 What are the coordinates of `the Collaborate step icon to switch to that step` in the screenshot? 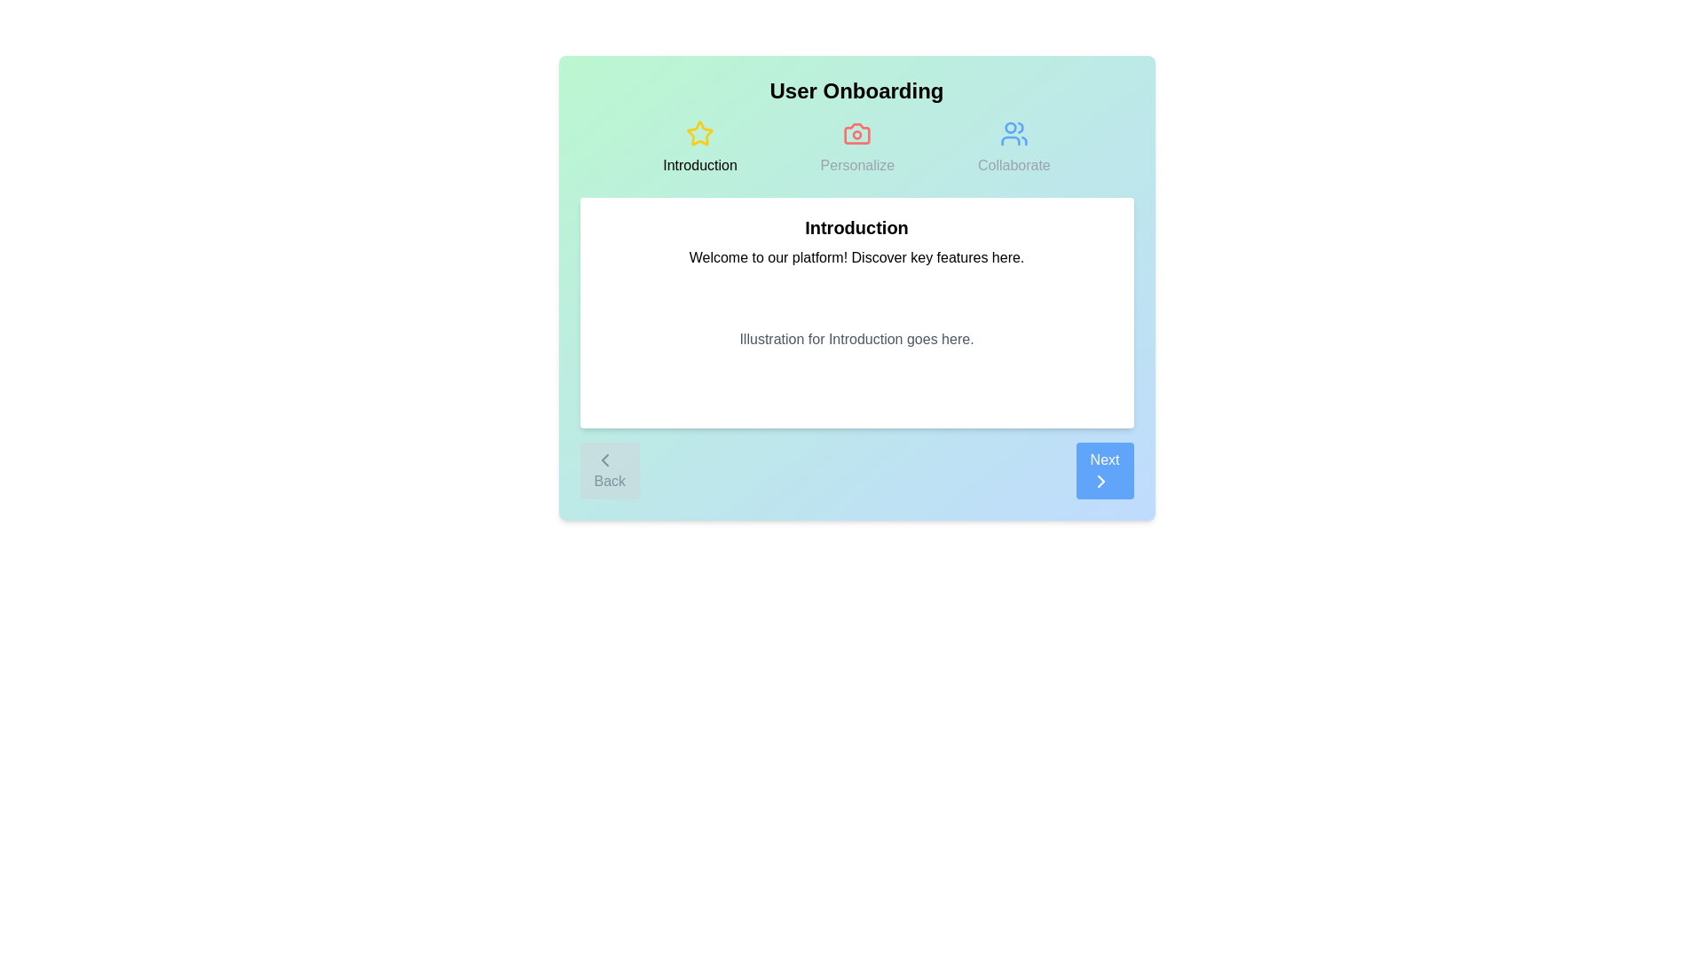 It's located at (1014, 146).